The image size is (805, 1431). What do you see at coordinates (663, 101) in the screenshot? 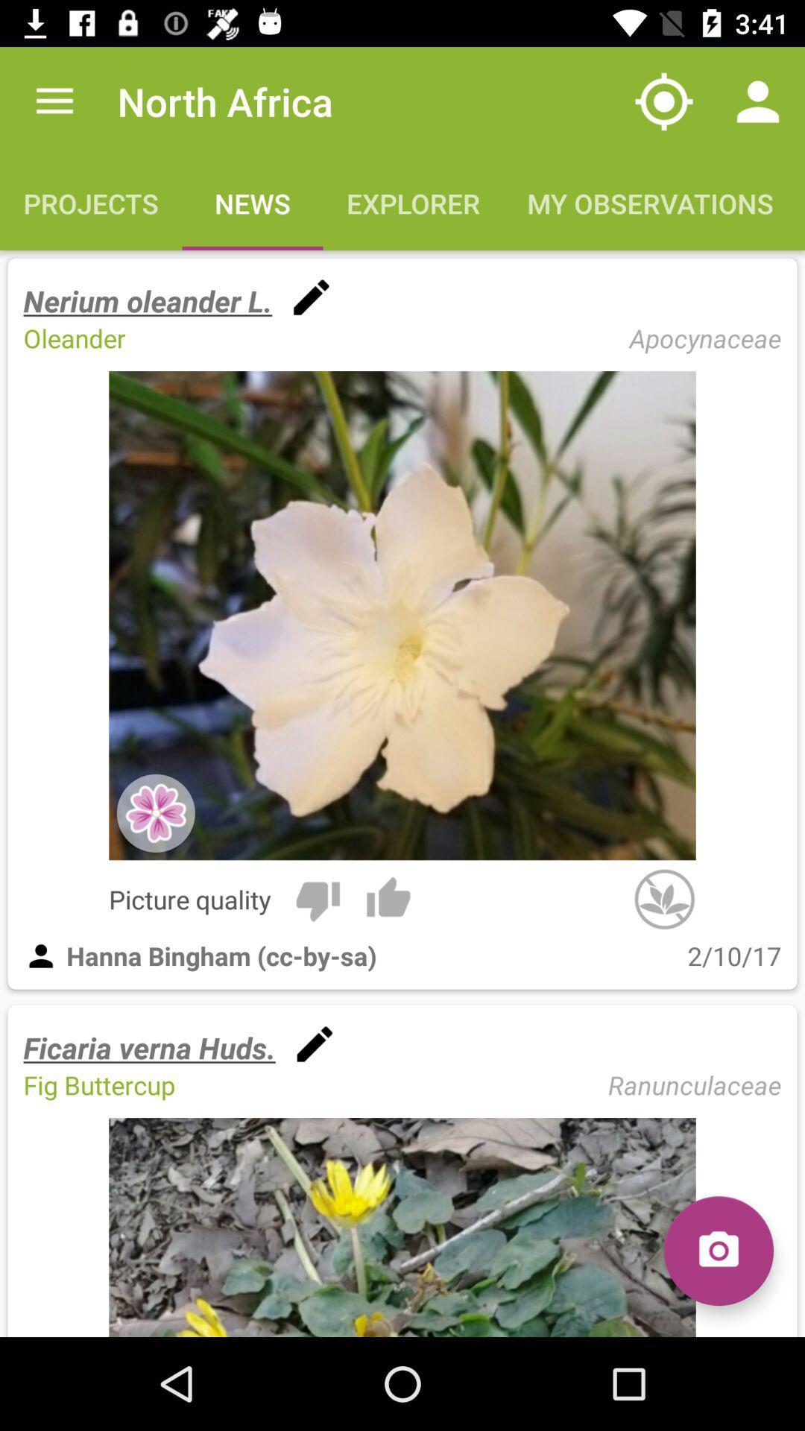
I see `app next to north africa` at bounding box center [663, 101].